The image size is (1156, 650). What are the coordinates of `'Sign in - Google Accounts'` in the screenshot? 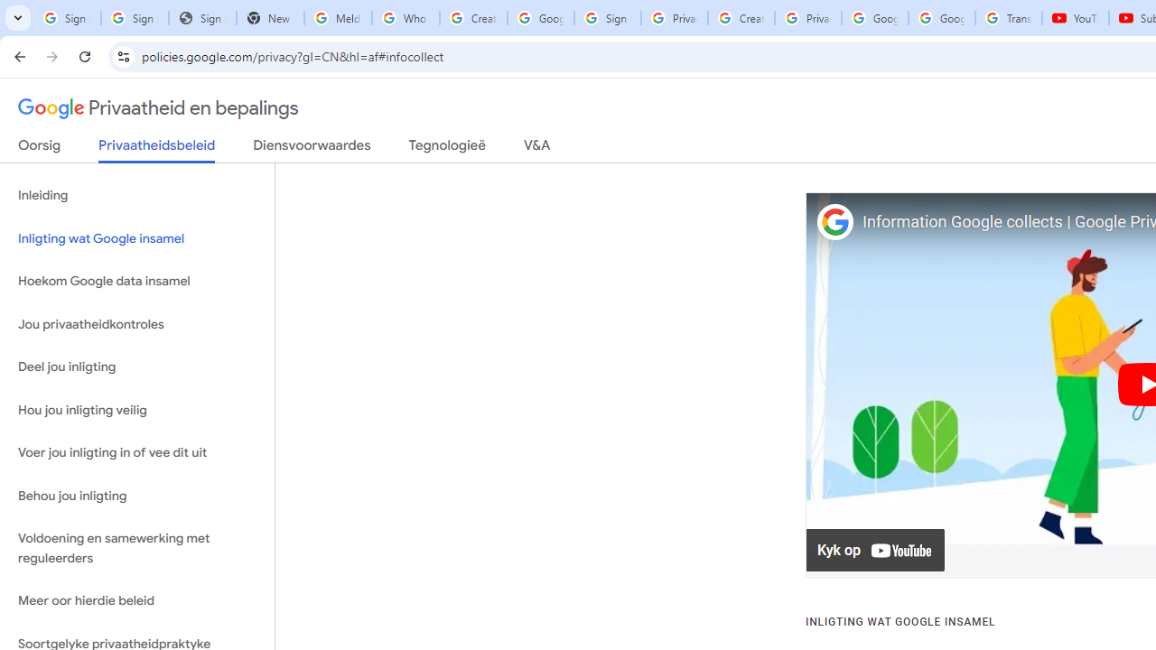 It's located at (608, 18).